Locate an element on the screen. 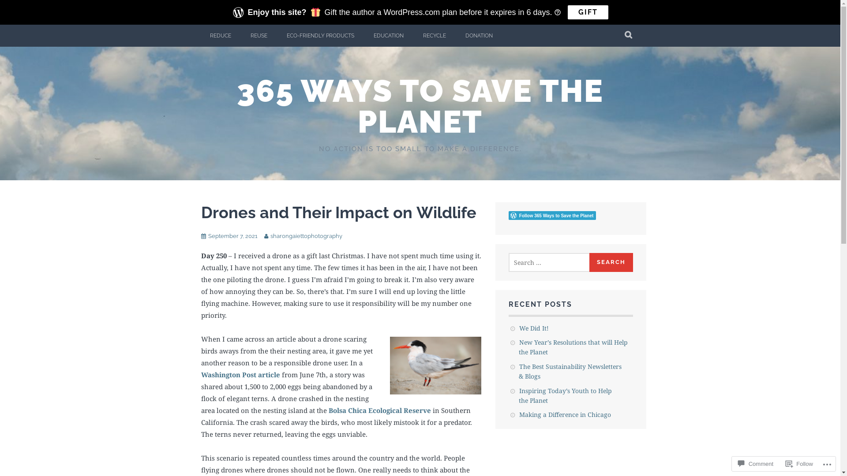 The image size is (847, 476). 'sharongaiettophotography' is located at coordinates (306, 235).